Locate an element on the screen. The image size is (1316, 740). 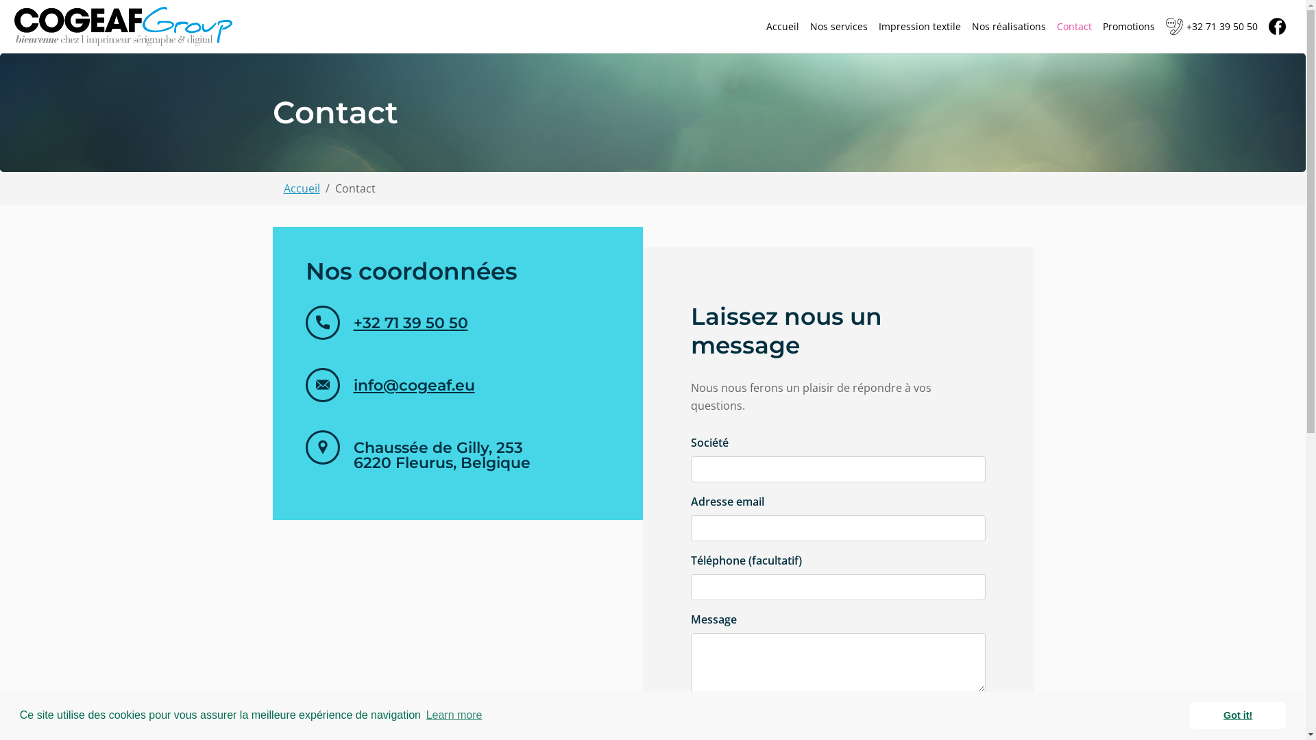
'Promotions' is located at coordinates (1128, 26).